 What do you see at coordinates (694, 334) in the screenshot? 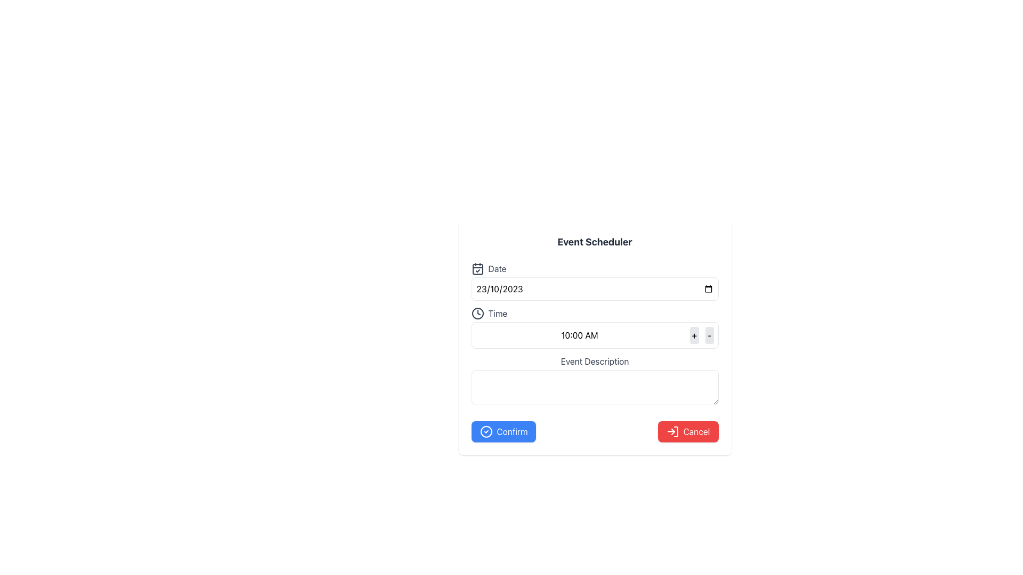
I see `the '+' button with a light-gray background and rounded corners located in the 'Time' input section to increase time` at bounding box center [694, 334].